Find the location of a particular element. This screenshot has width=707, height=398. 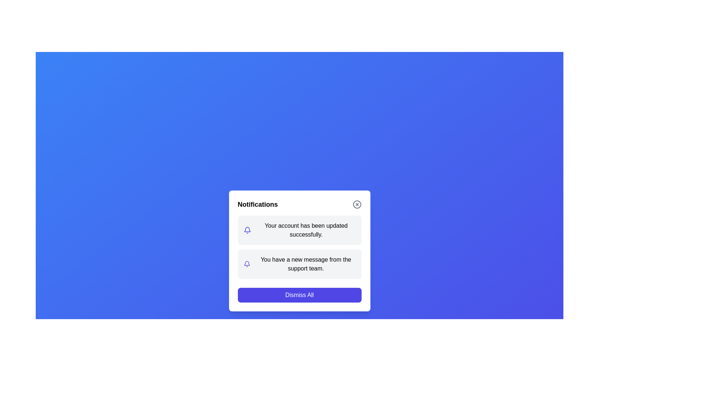

the rectangular blue 'Dismiss All' button with white text located at the bottom of the pop-up notification panel is located at coordinates (299, 295).